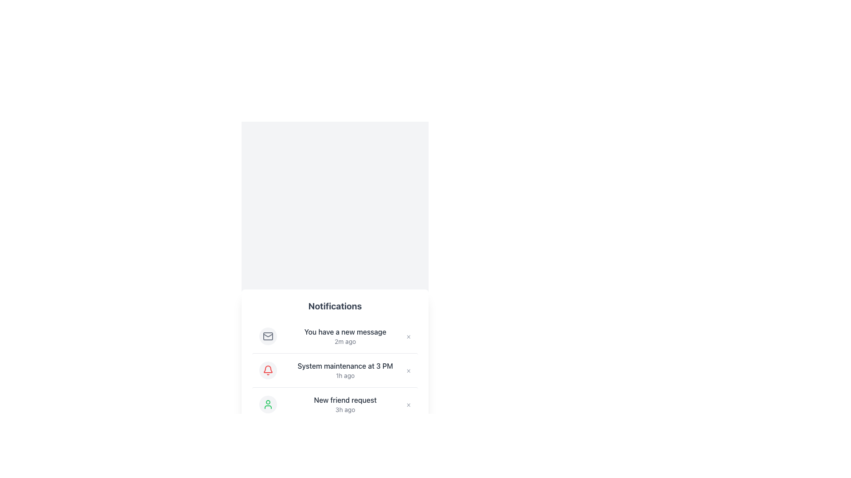 Image resolution: width=851 pixels, height=478 pixels. What do you see at coordinates (408, 336) in the screenshot?
I see `the close button on the right side of the notification that reads 'You have a new message'` at bounding box center [408, 336].